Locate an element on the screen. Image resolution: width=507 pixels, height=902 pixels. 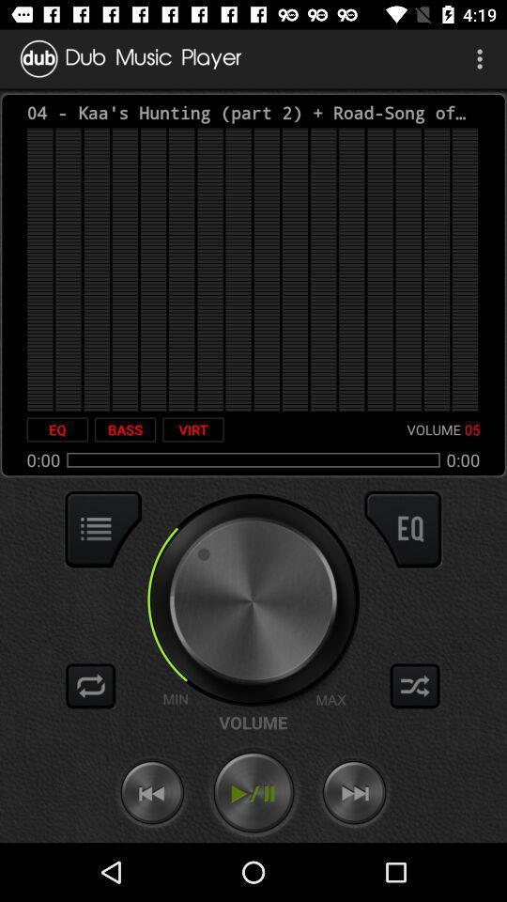
the icon to the left of the  bass is located at coordinates (57, 429).